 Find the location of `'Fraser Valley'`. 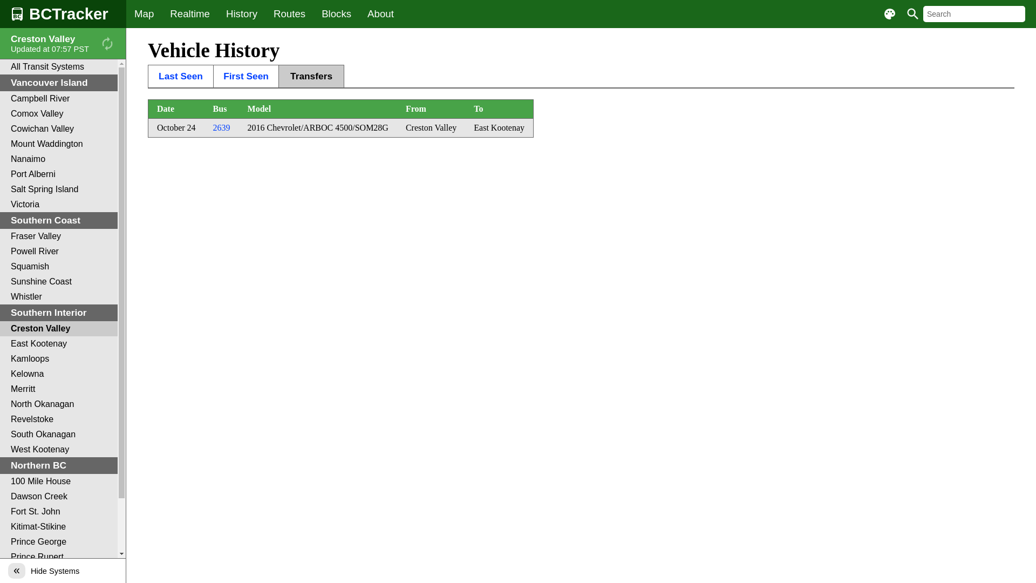

'Fraser Valley' is located at coordinates (0, 236).